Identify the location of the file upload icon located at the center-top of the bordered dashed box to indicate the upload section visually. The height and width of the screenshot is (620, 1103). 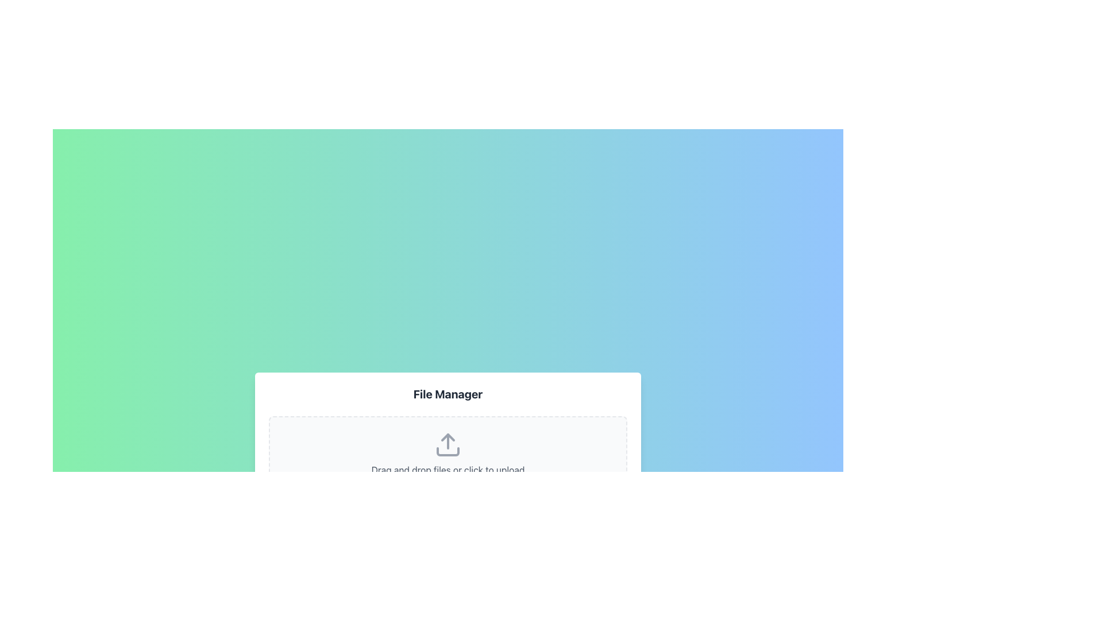
(447, 444).